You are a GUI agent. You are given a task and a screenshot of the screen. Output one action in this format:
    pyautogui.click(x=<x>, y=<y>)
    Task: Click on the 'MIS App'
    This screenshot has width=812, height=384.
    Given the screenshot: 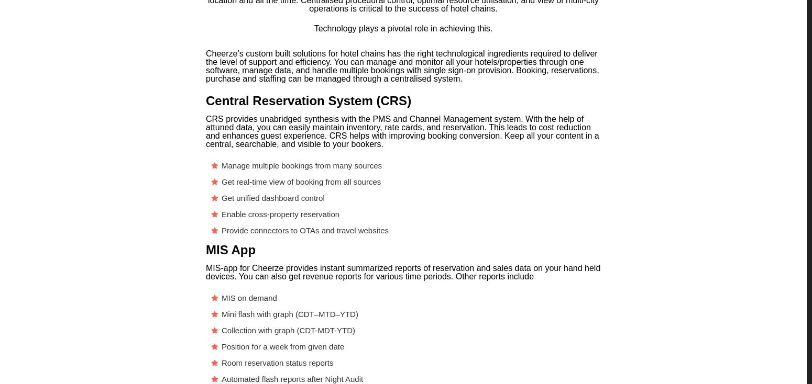 What is the action you would take?
    pyautogui.click(x=231, y=250)
    